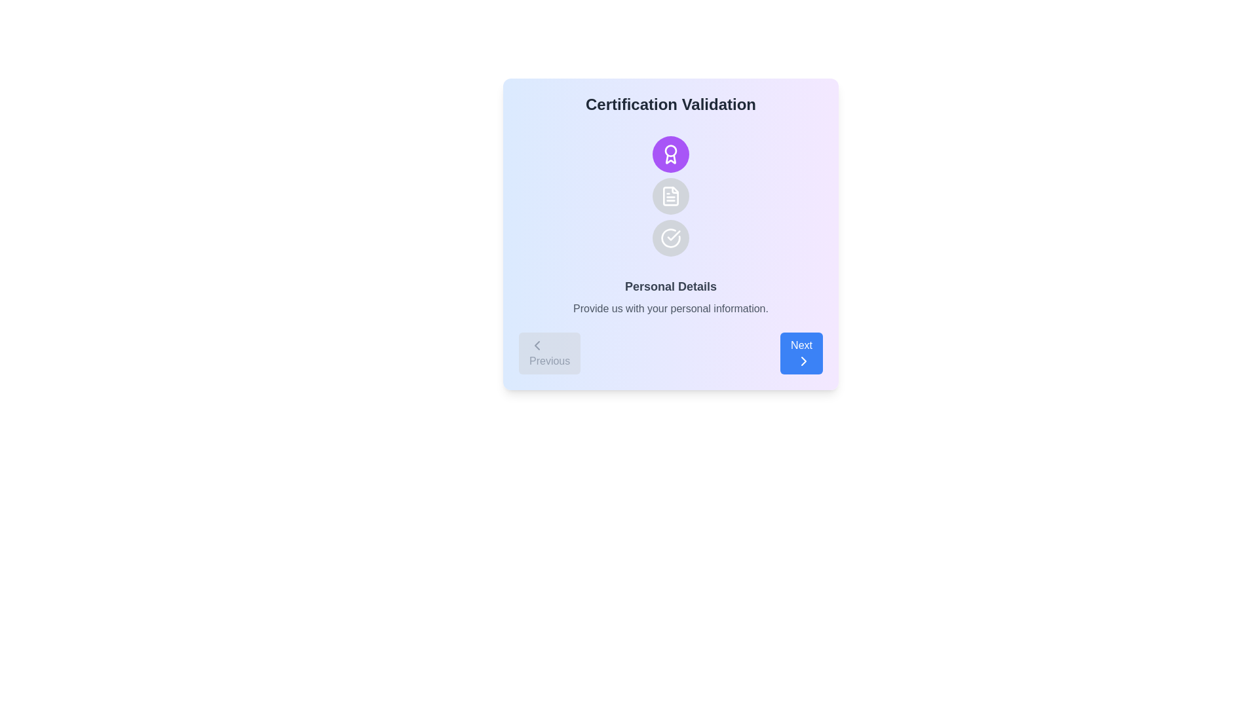  Describe the element at coordinates (537, 345) in the screenshot. I see `the small left-facing chevron icon with a gray stroke, located inside the rounded rectangular button labeled 'Previous' at the bottom-left corner of the card-like interface` at that location.